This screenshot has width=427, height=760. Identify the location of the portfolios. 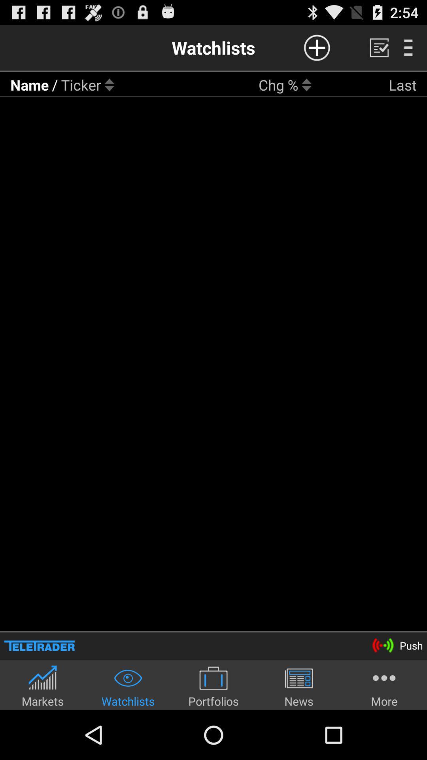
(213, 686).